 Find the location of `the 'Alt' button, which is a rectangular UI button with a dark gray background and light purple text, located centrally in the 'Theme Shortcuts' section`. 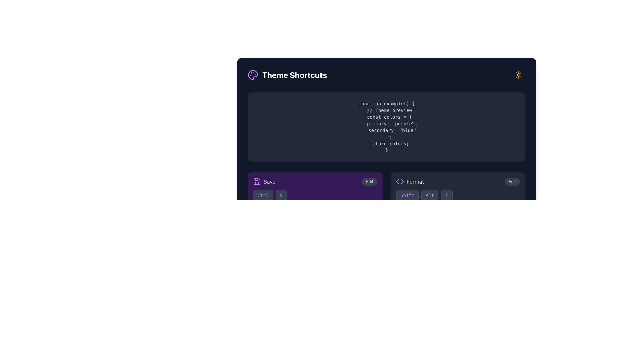

the 'Alt' button, which is a rectangular UI button with a dark gray background and light purple text, located centrally in the 'Theme Shortcuts' section is located at coordinates (430, 195).